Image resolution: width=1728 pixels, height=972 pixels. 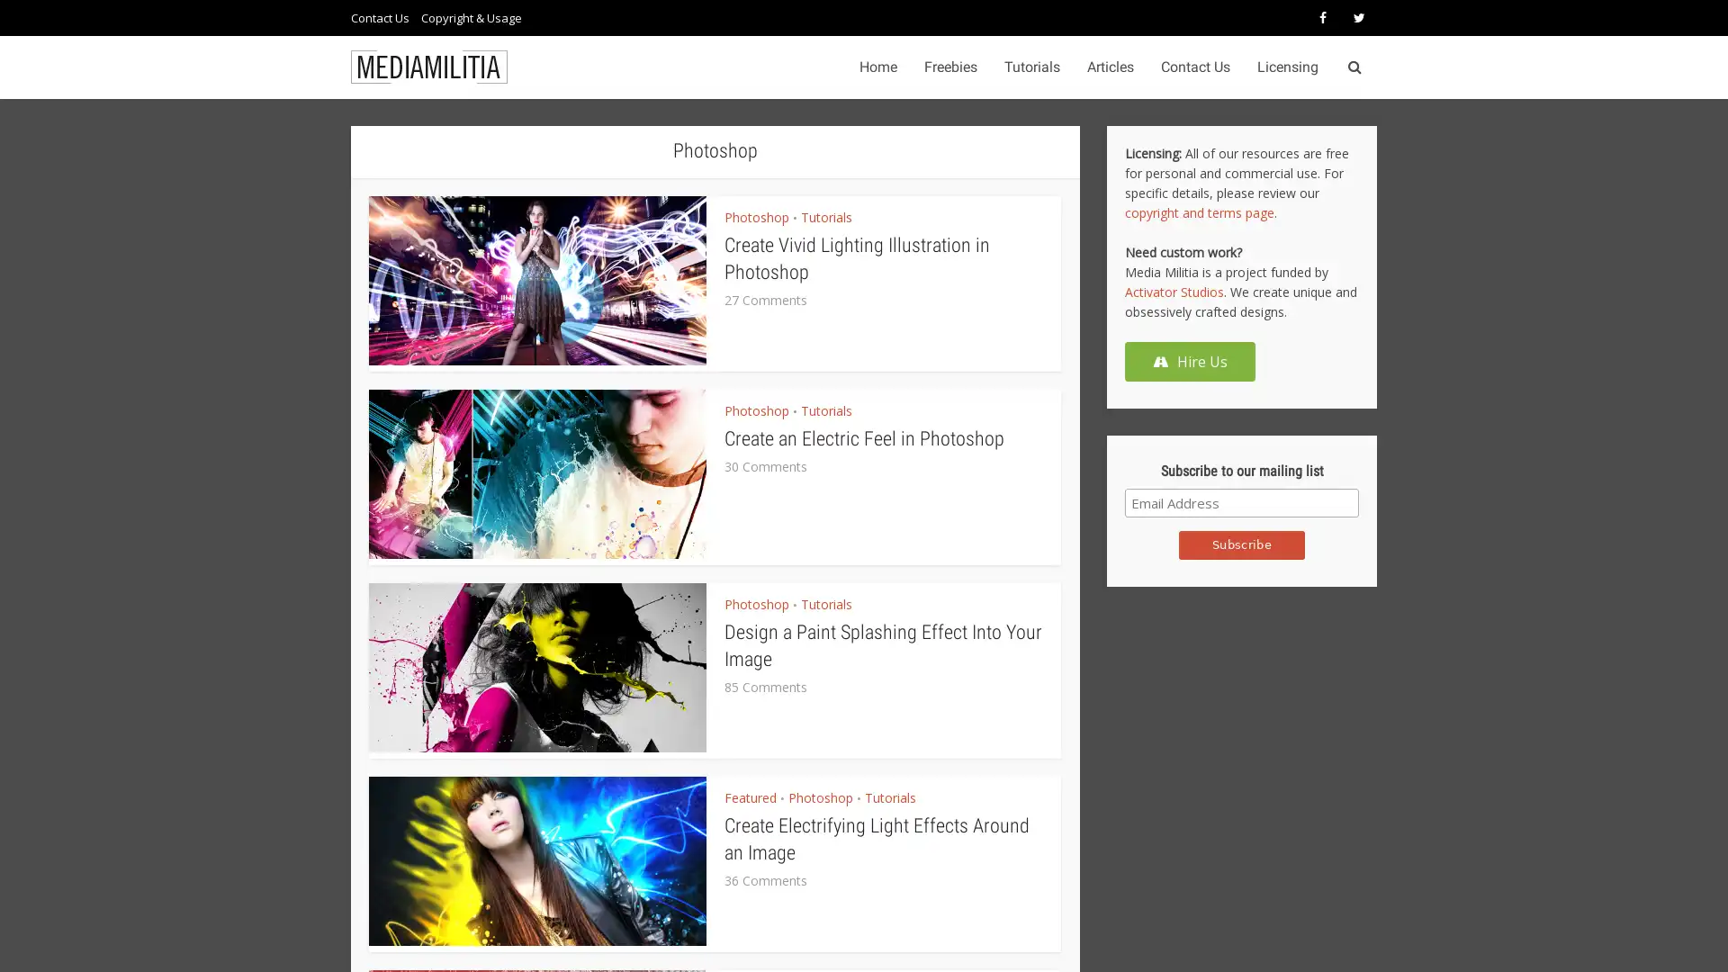 I want to click on Subscribe, so click(x=1241, y=544).